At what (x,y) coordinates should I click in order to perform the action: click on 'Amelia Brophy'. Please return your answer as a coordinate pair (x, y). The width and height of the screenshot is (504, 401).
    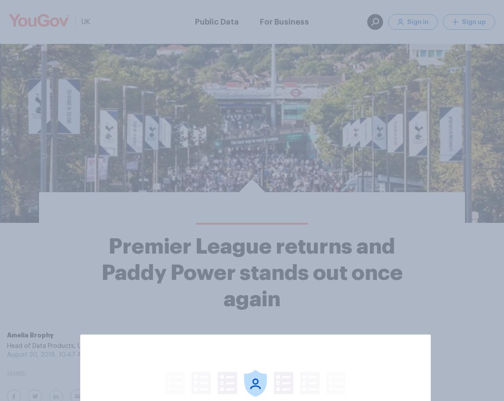
    Looking at the image, I should click on (30, 335).